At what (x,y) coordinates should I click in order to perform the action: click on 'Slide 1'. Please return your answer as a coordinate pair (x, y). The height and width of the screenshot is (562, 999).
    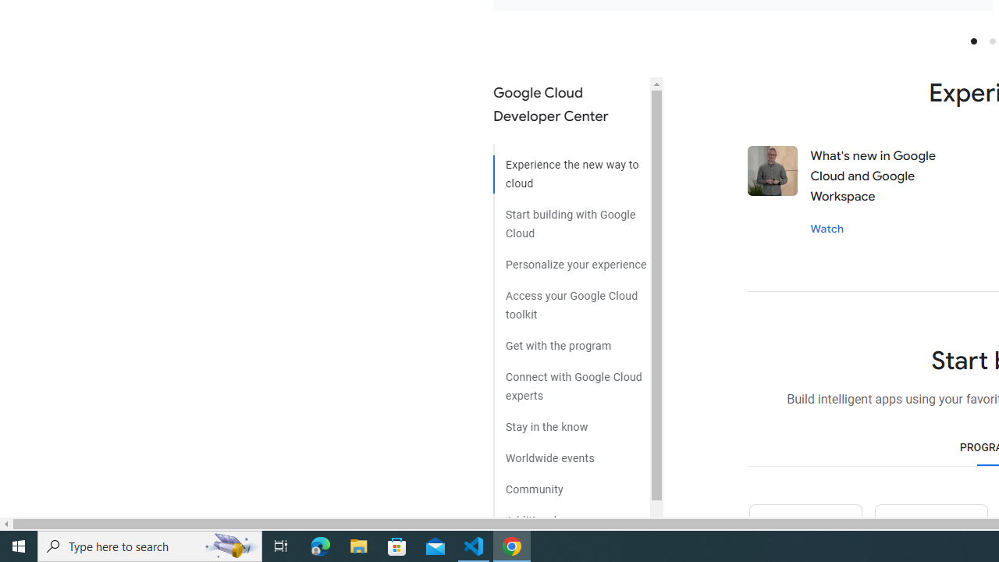
    Looking at the image, I should click on (972, 40).